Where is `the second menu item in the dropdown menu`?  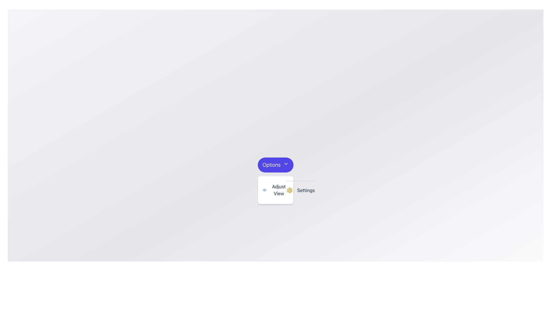
the second menu item in the dropdown menu is located at coordinates (300, 190).